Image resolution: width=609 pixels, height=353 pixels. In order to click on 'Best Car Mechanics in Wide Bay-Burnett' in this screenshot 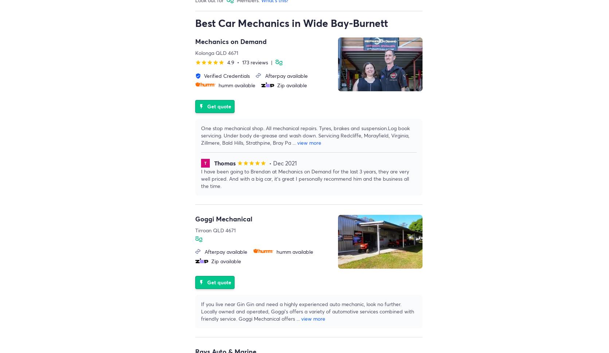, I will do `click(291, 23)`.